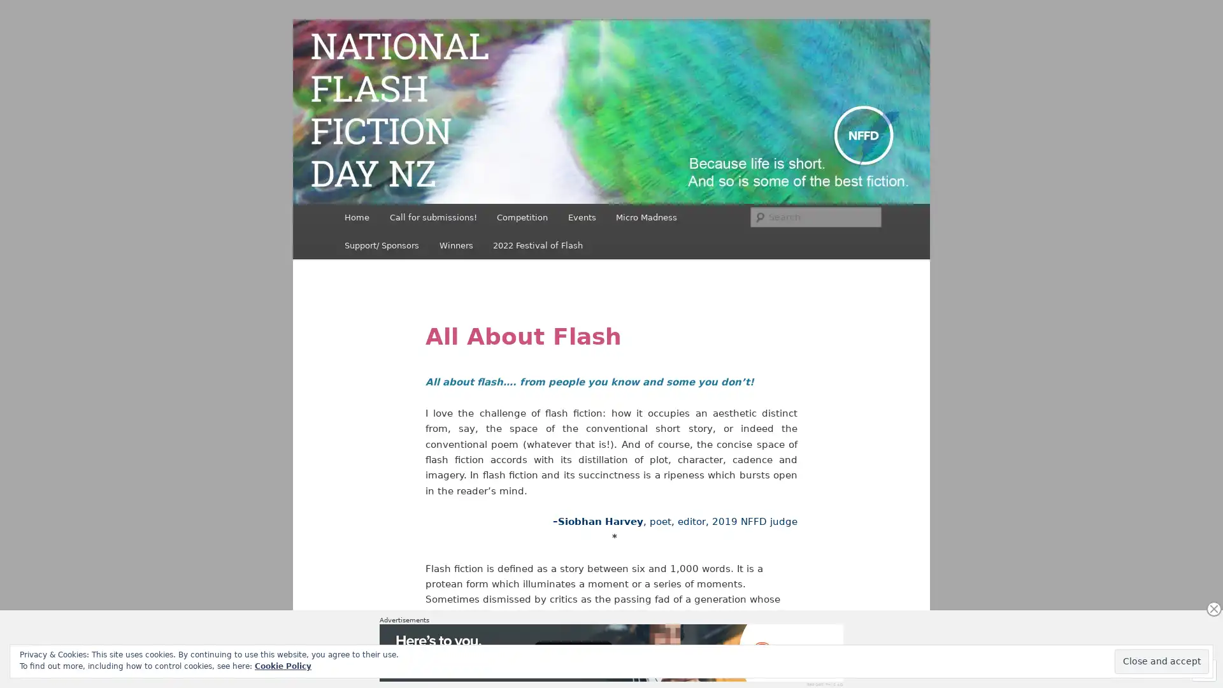 The height and width of the screenshot is (688, 1223). I want to click on Close and accept, so click(1162, 661).